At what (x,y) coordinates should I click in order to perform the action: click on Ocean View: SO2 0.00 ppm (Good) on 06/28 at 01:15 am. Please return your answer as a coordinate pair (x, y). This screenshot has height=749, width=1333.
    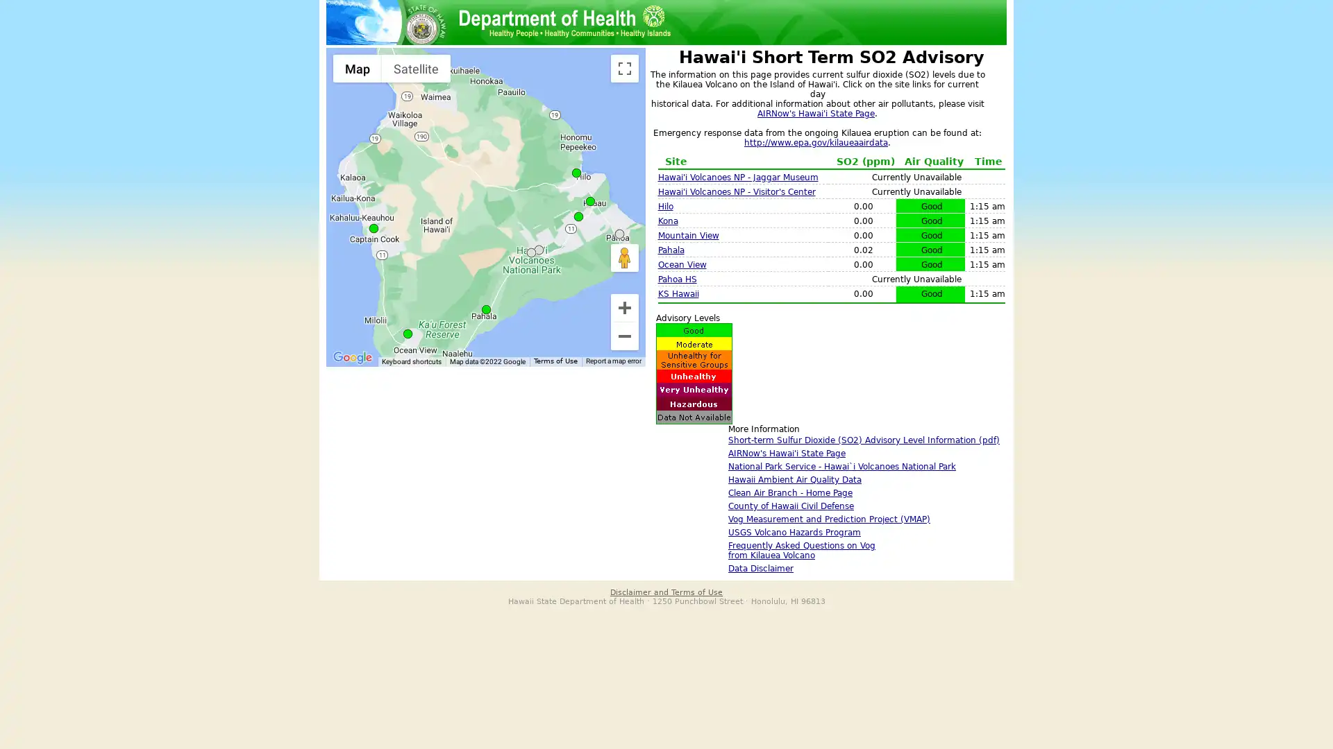
    Looking at the image, I should click on (407, 334).